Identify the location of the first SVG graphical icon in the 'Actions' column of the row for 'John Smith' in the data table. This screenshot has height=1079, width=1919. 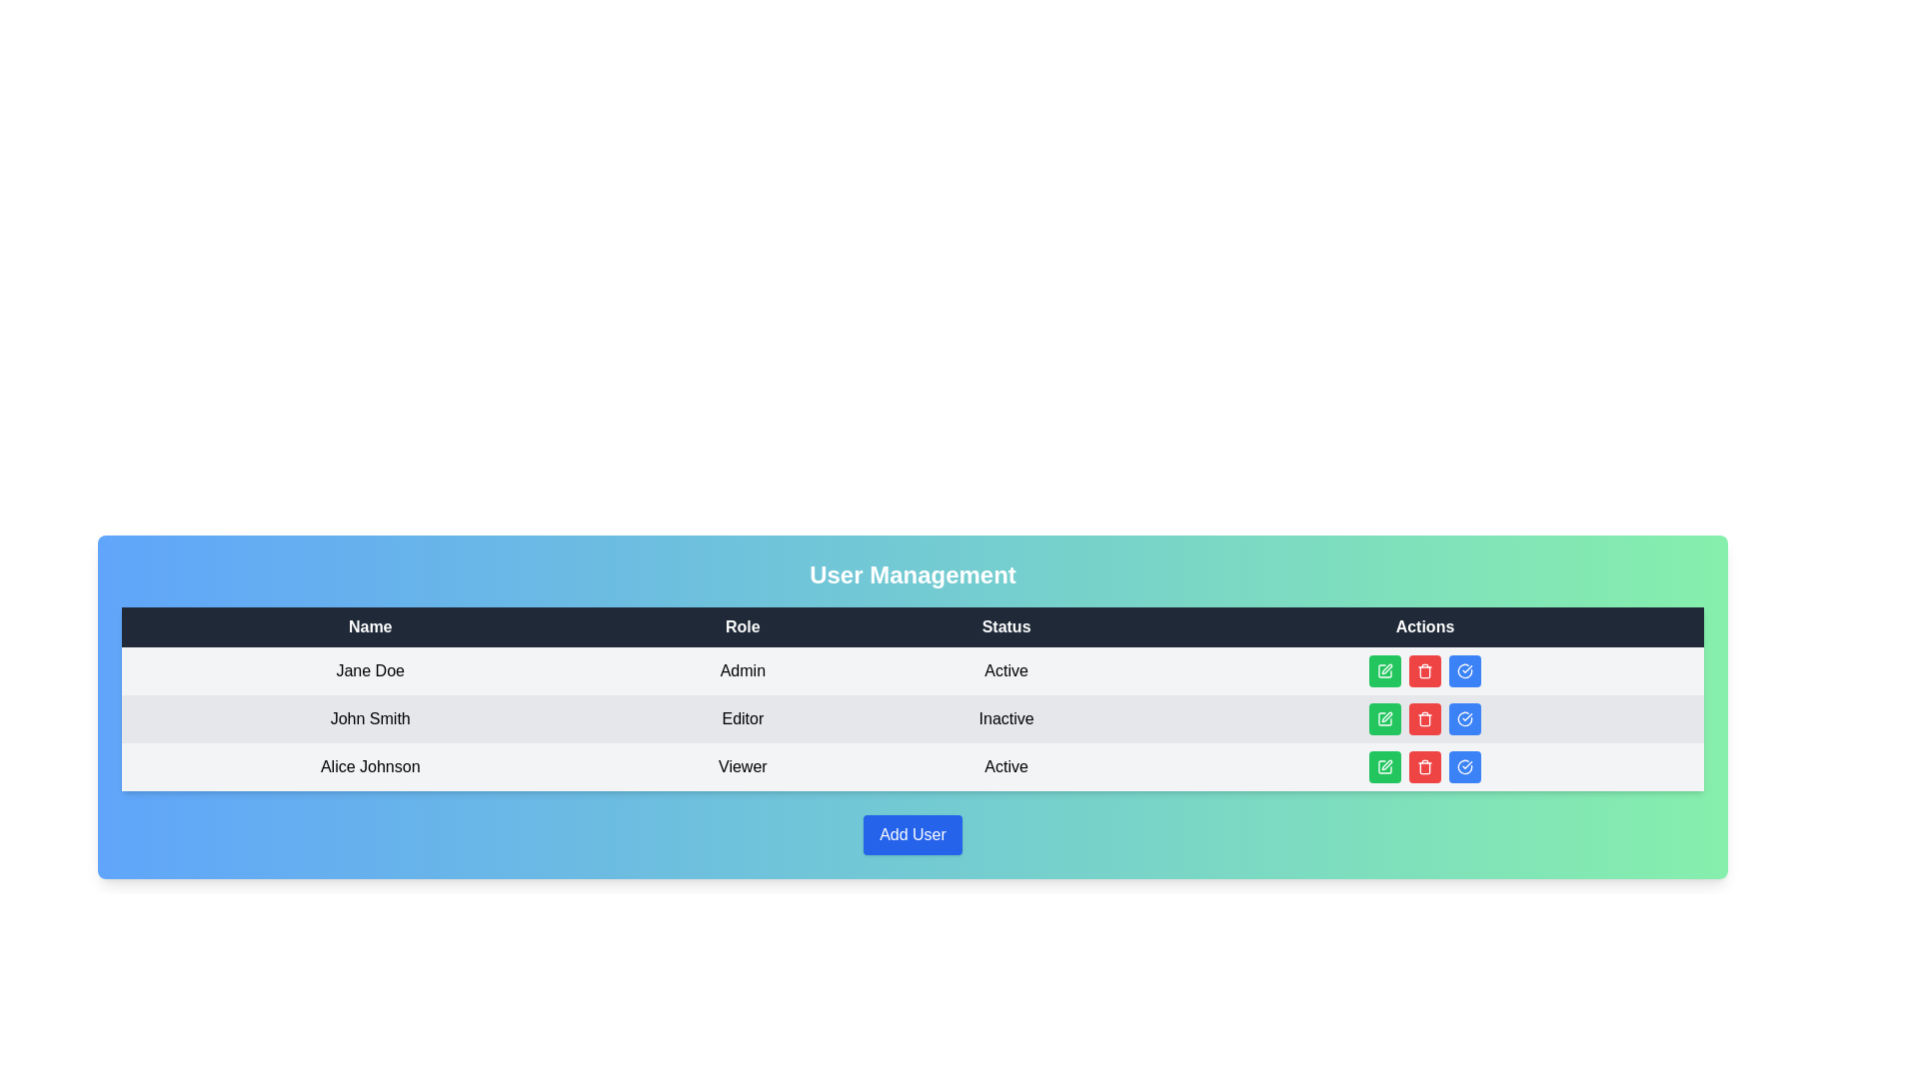
(1384, 670).